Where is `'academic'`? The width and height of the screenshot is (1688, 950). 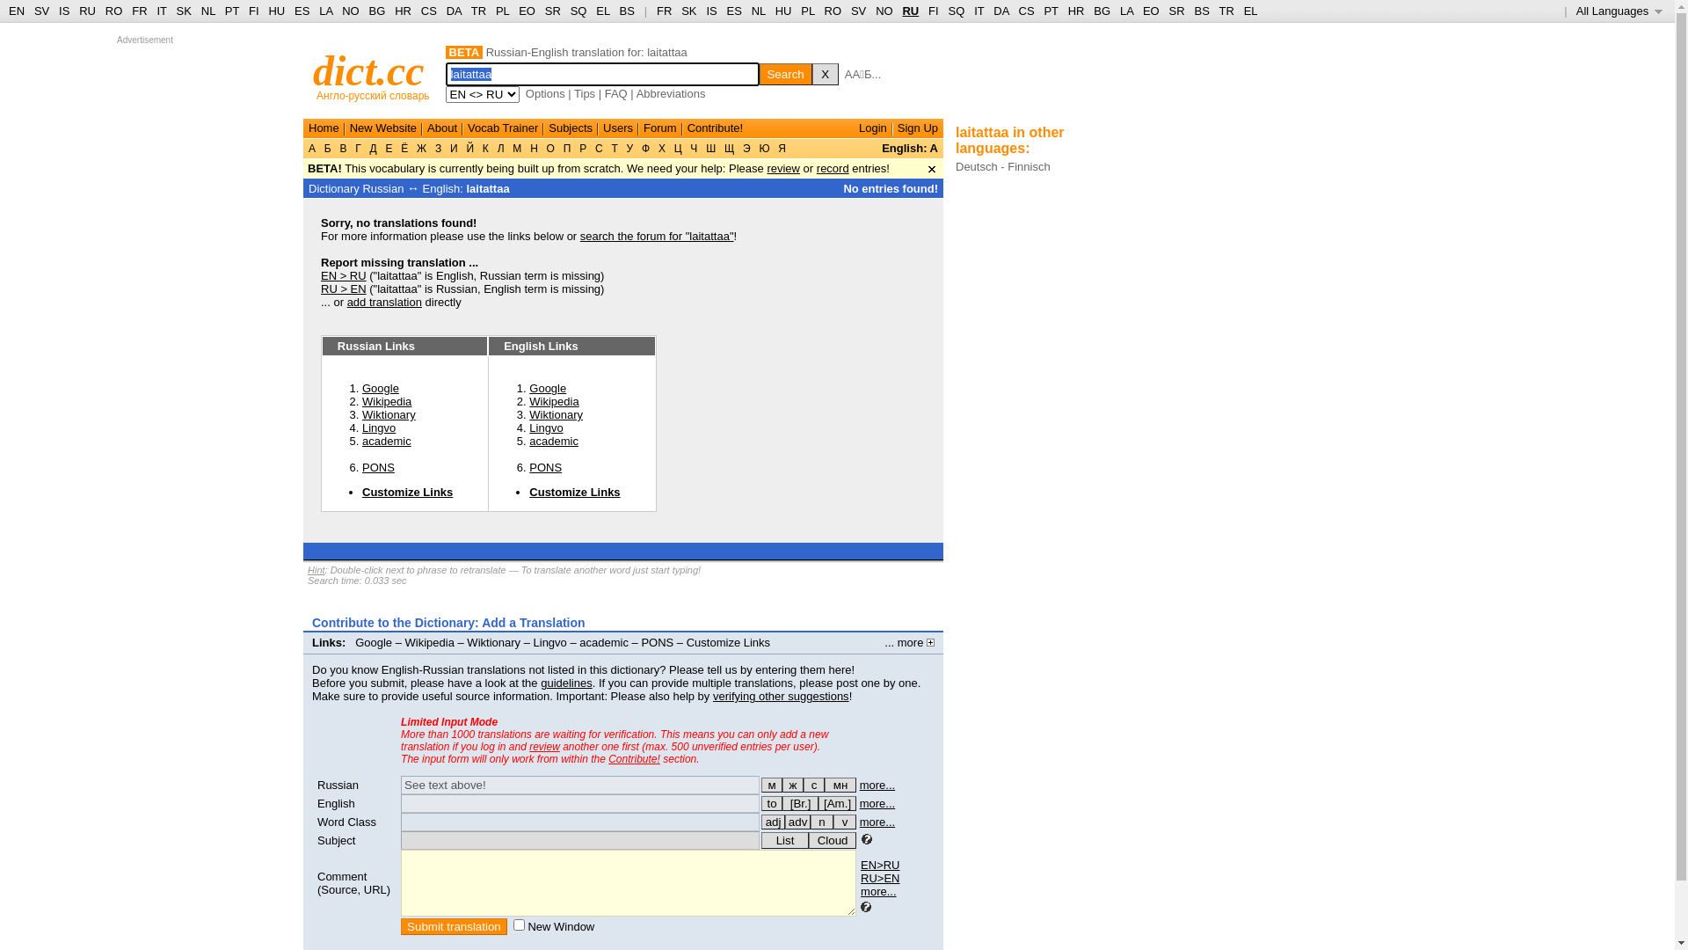 'academic' is located at coordinates (361, 440).